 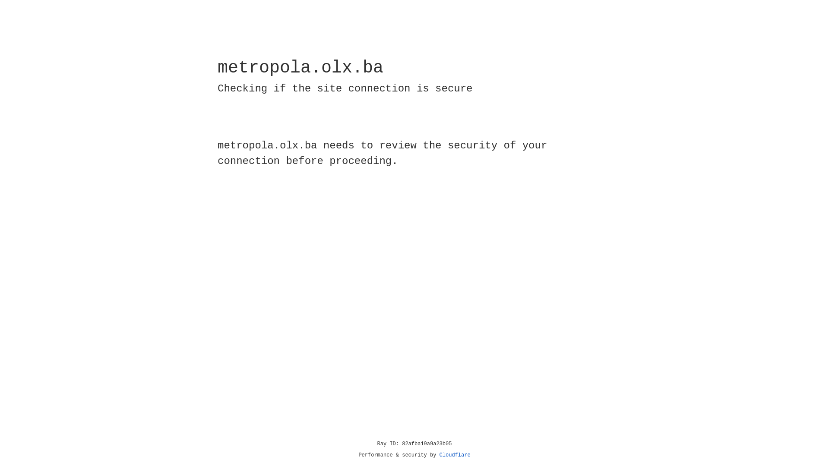 I want to click on 'Cloudflare', so click(x=455, y=455).